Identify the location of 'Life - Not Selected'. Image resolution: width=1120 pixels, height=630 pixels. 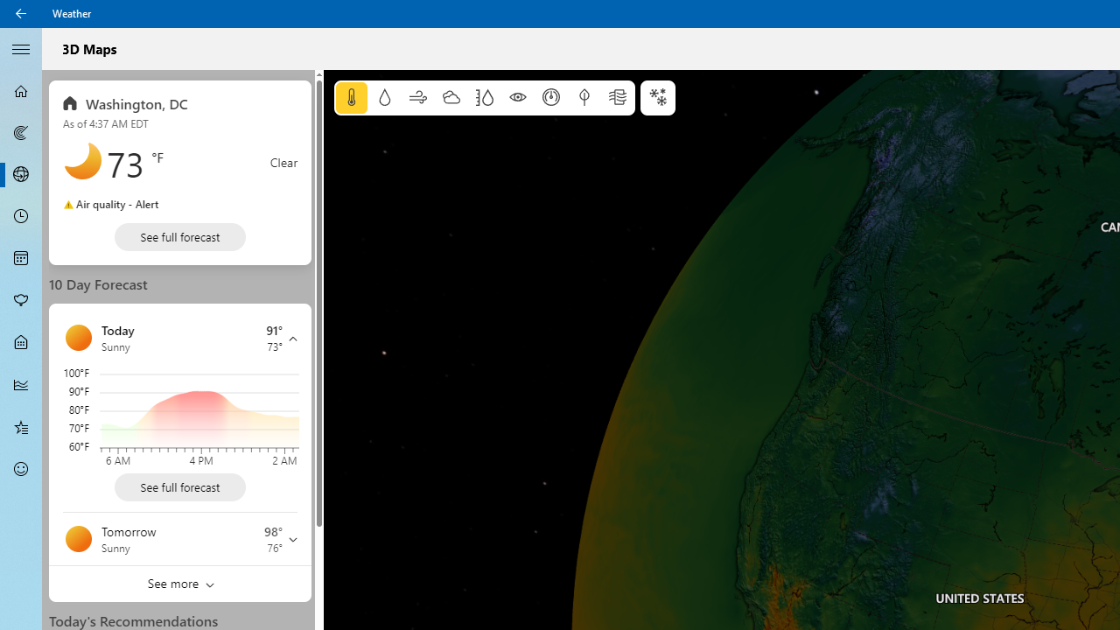
(21, 343).